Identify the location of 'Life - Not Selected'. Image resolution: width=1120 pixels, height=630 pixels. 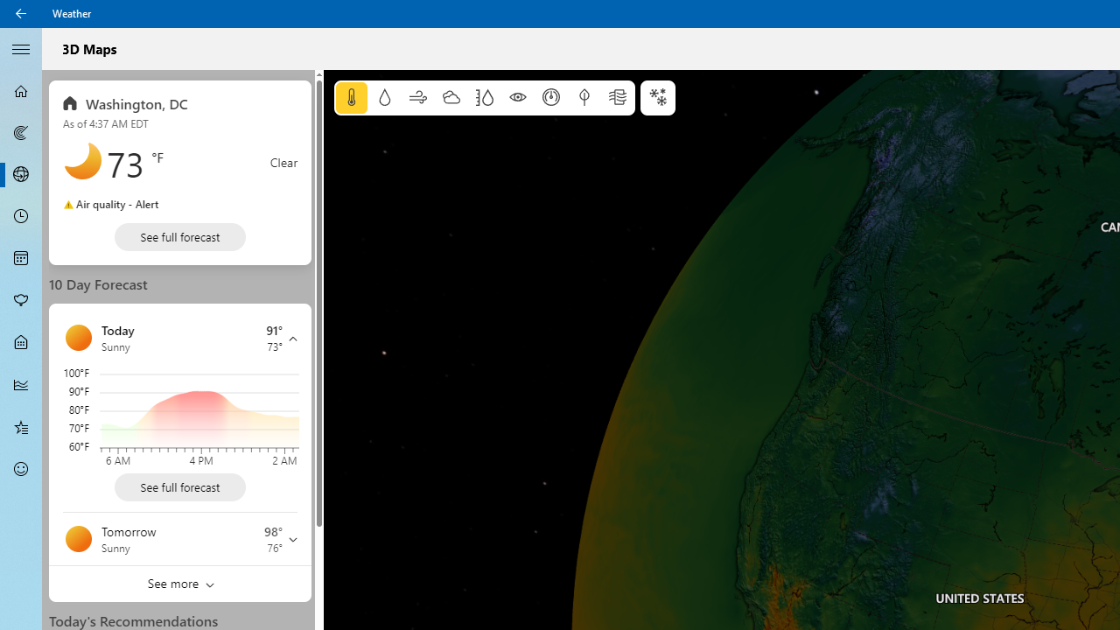
(21, 343).